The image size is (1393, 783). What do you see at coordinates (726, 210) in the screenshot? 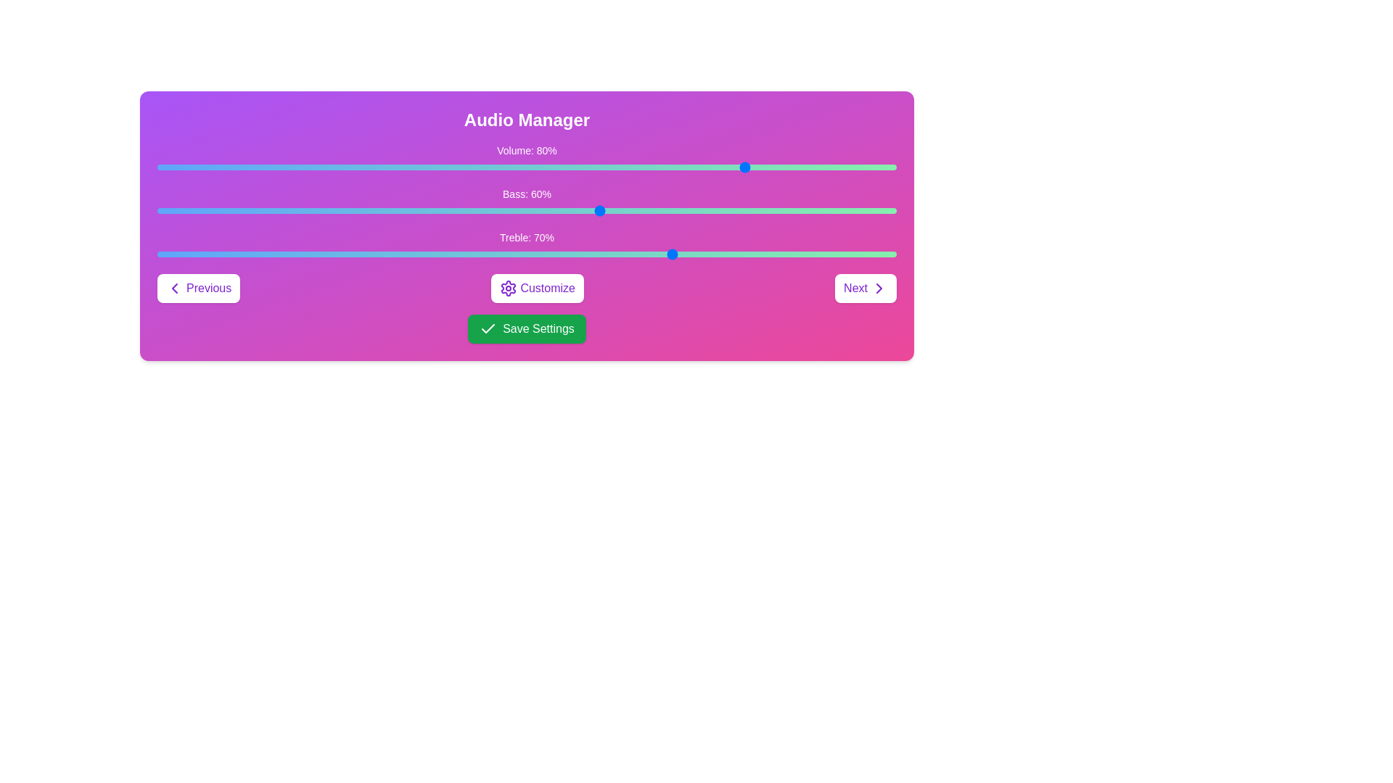
I see `the bass level` at bounding box center [726, 210].